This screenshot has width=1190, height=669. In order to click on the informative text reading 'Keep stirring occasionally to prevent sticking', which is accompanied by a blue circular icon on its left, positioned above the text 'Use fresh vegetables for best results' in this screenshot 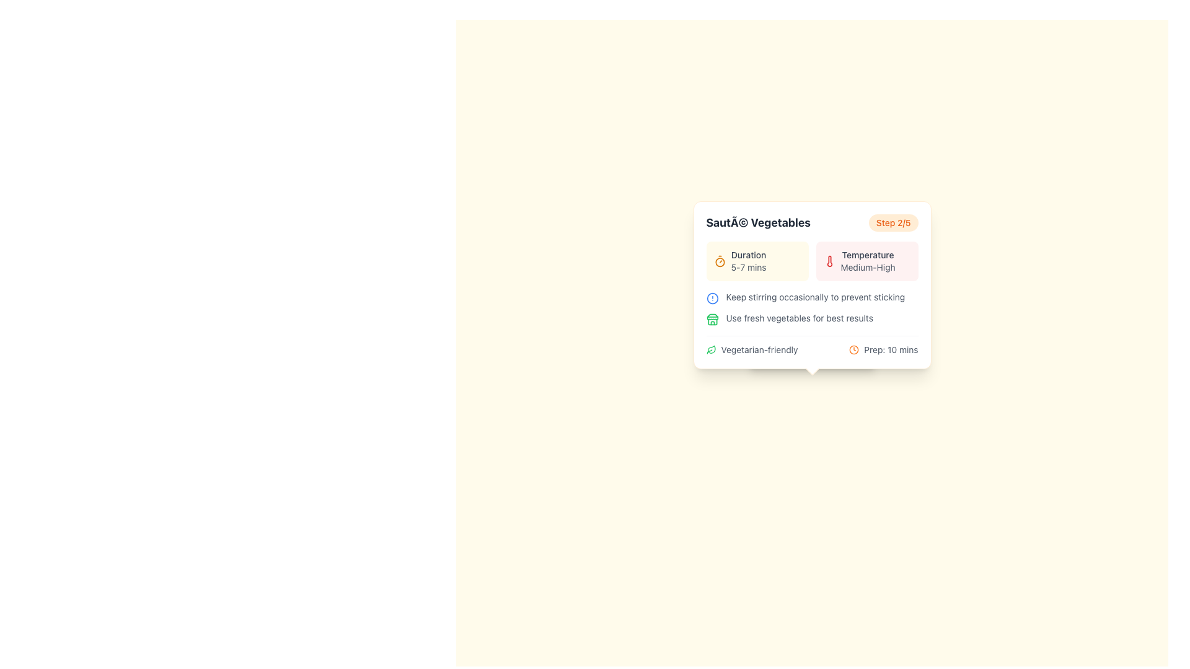, I will do `click(812, 298)`.